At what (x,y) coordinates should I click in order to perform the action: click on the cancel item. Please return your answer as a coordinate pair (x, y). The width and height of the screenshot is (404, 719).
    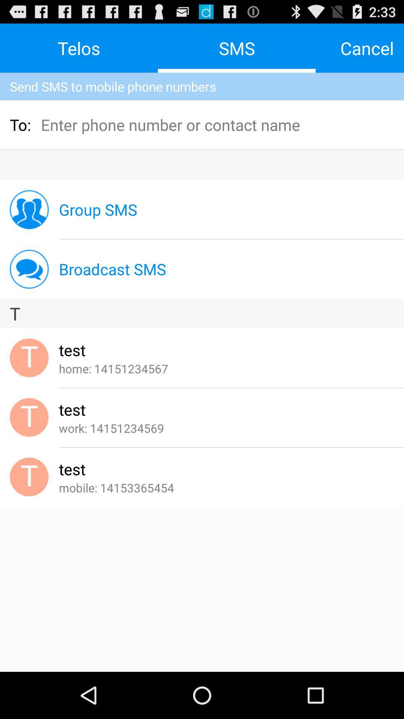
    Looking at the image, I should click on (367, 48).